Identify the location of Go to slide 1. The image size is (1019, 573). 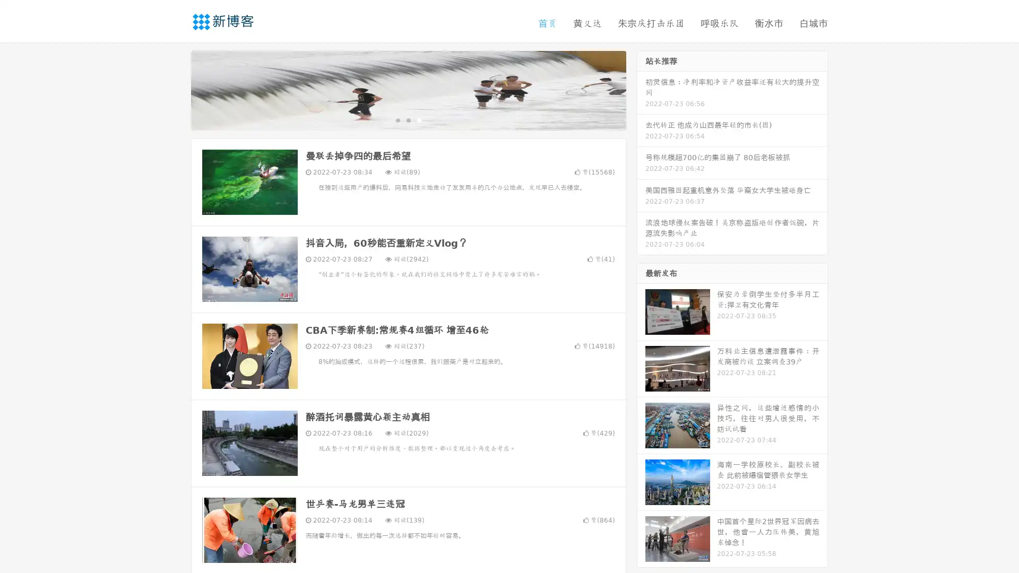
(397, 119).